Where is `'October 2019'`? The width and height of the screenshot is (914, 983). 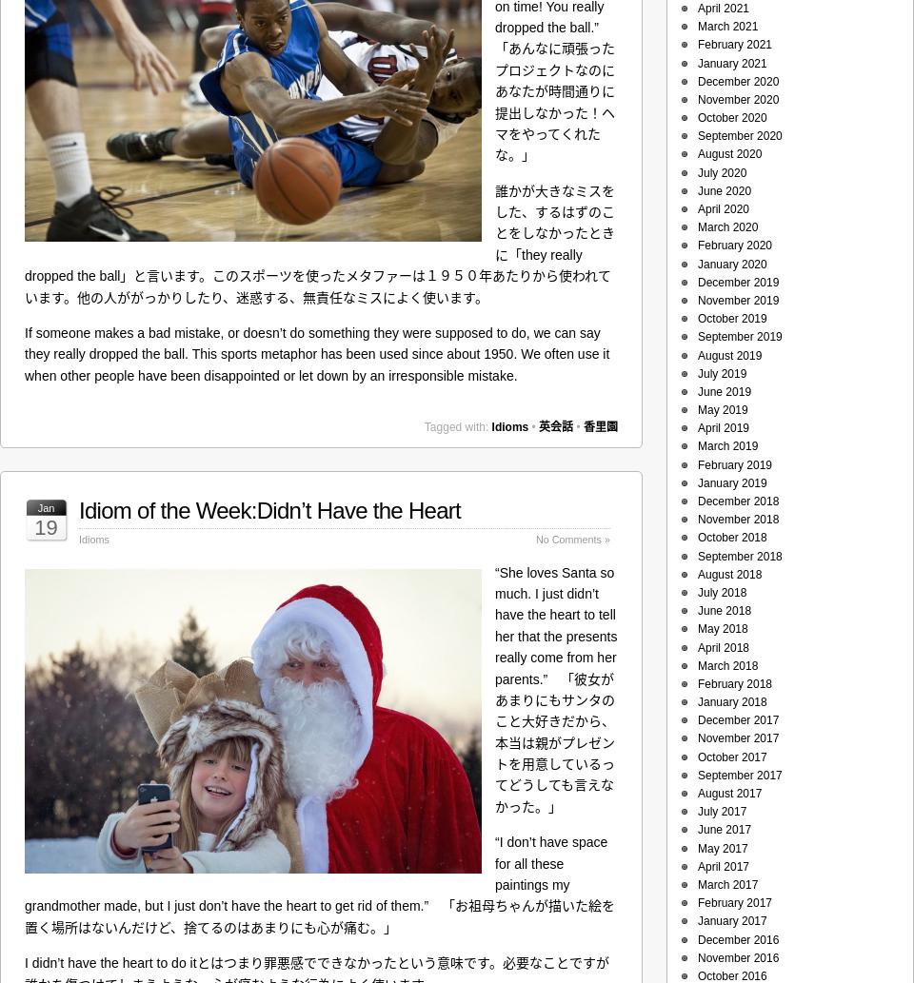 'October 2019' is located at coordinates (730, 318).